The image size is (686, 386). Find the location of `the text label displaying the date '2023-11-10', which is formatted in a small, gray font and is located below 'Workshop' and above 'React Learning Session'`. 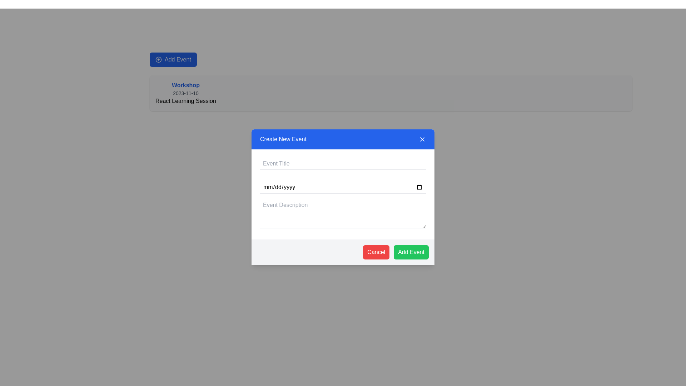

the text label displaying the date '2023-11-10', which is formatted in a small, gray font and is located below 'Workshop' and above 'React Learning Session' is located at coordinates (185, 93).